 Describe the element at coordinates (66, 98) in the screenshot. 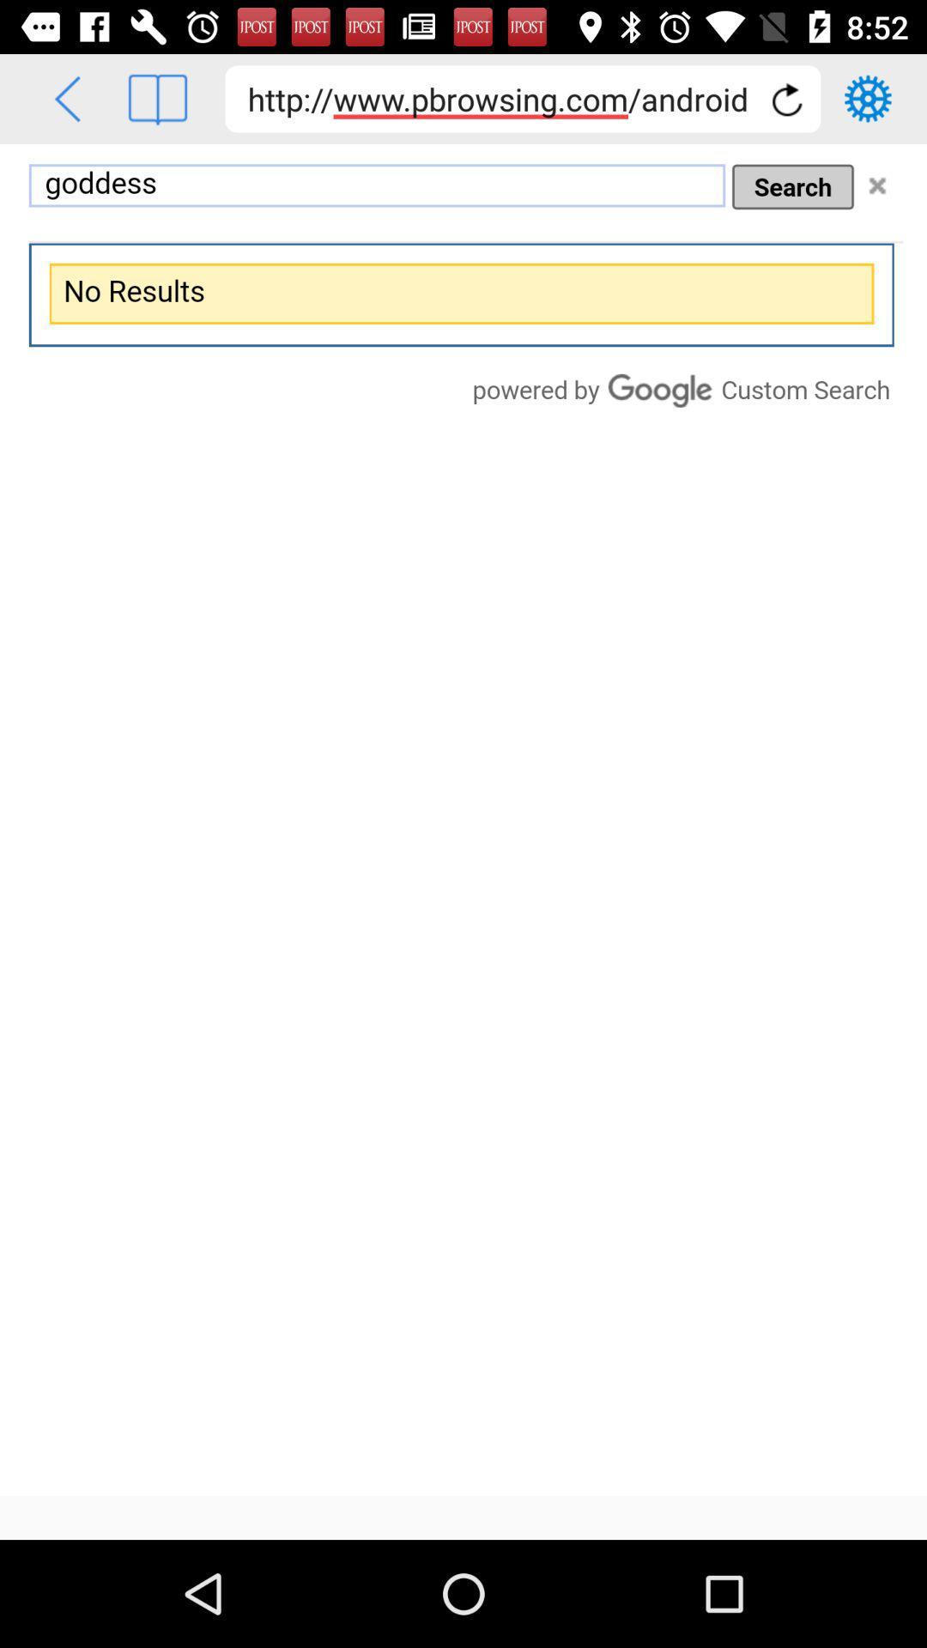

I see `the arrow_backward icon` at that location.